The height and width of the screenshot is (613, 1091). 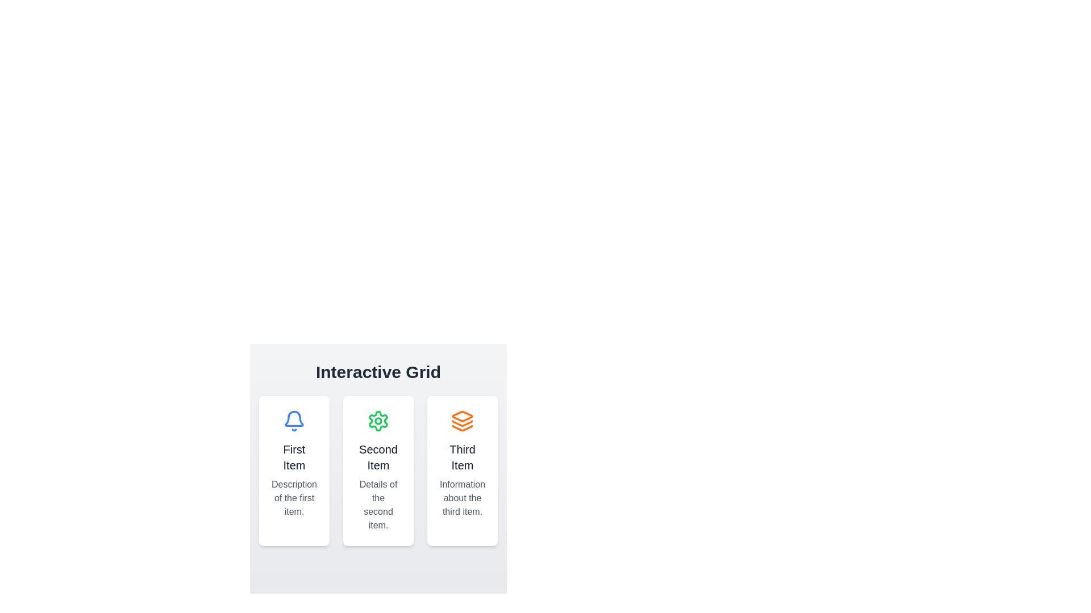 I want to click on the rectangular card with a white background, featuring a blue bell icon and the text 'First Item', so click(x=294, y=471).